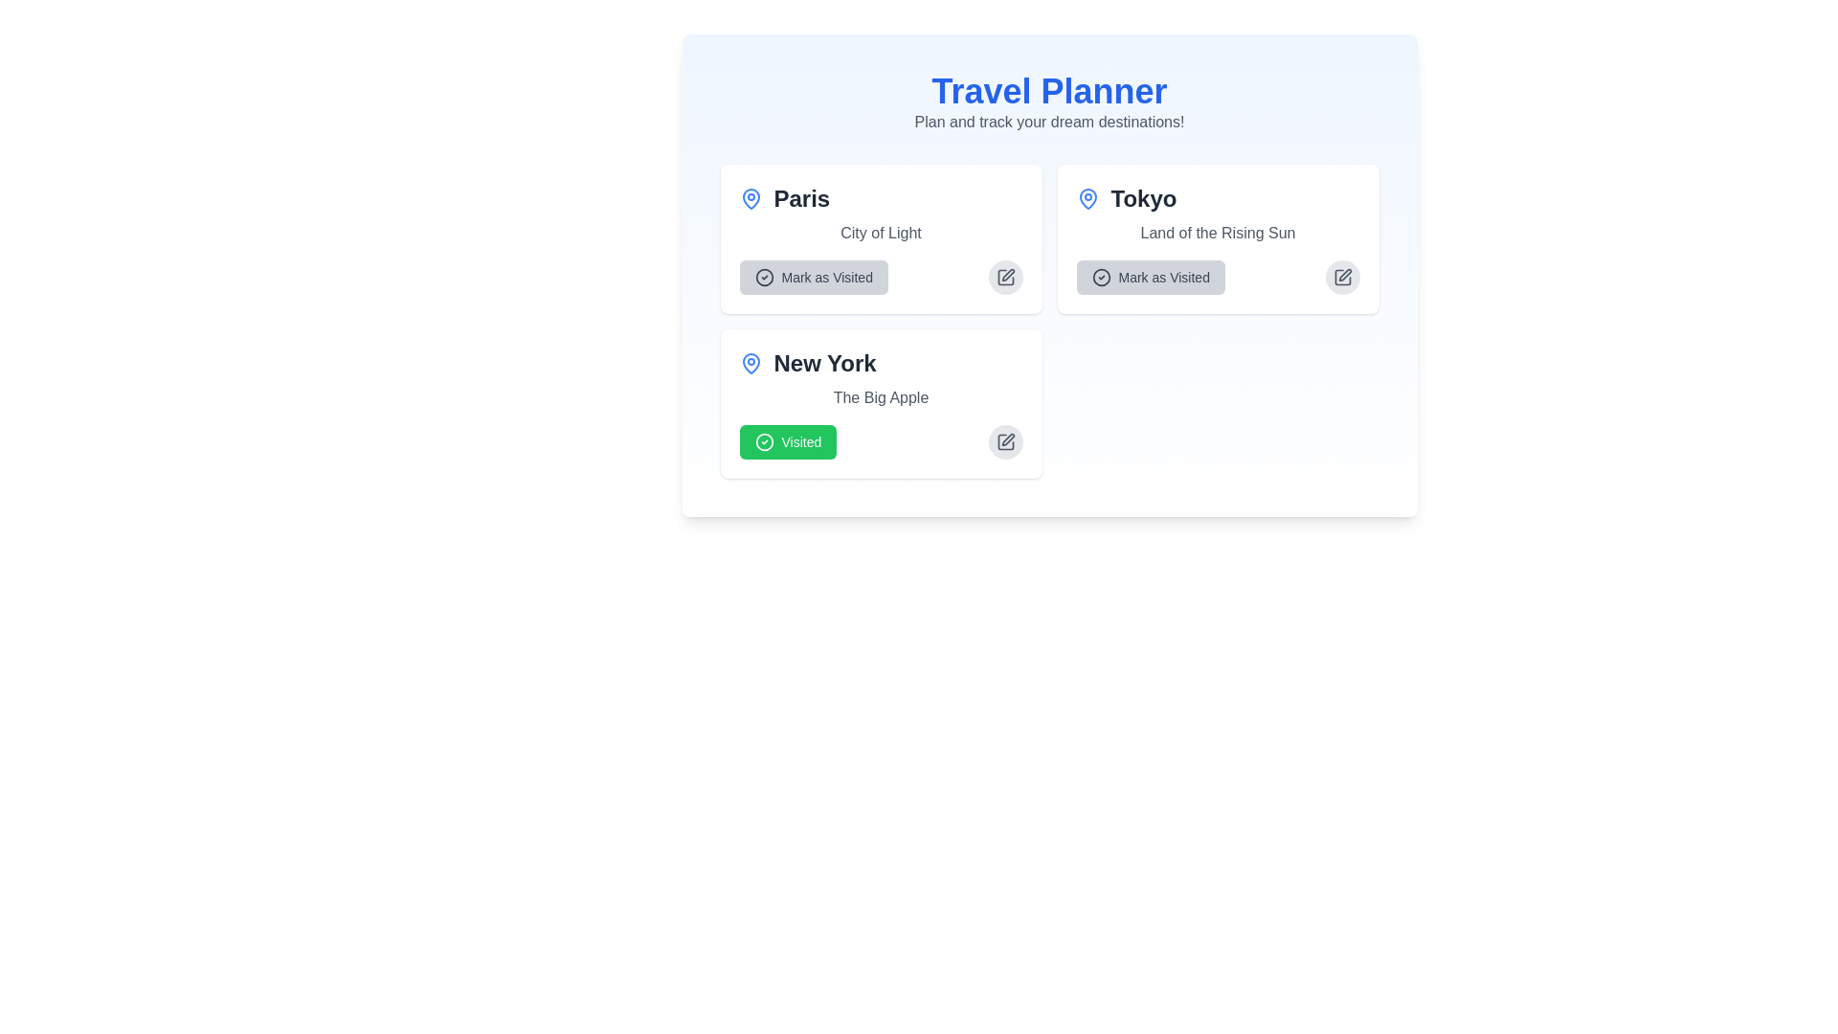 This screenshot has height=1034, width=1838. What do you see at coordinates (801, 199) in the screenshot?
I see `the destination using the text label 'Paris' located` at bounding box center [801, 199].